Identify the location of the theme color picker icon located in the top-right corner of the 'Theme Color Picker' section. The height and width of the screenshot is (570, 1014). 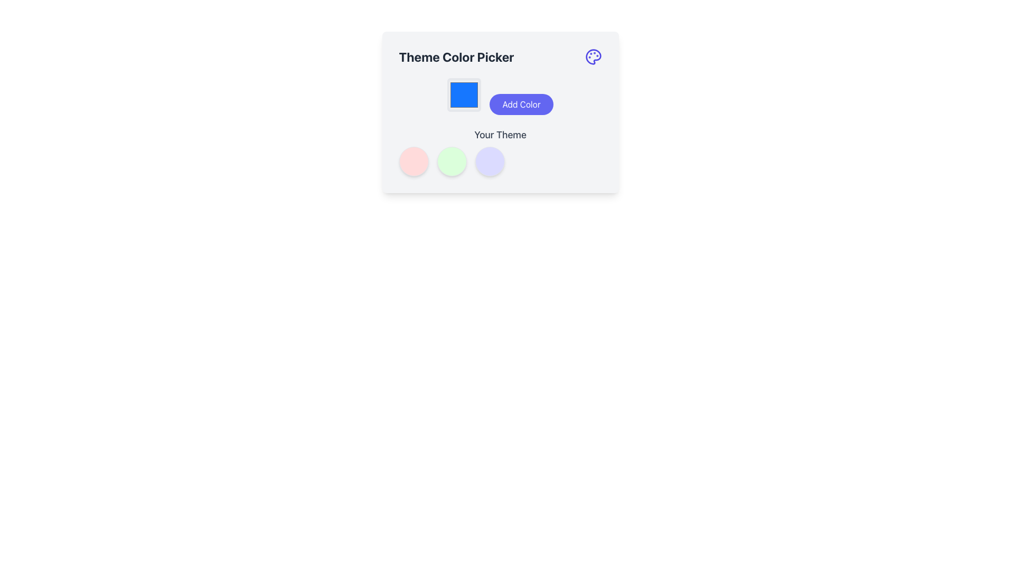
(593, 57).